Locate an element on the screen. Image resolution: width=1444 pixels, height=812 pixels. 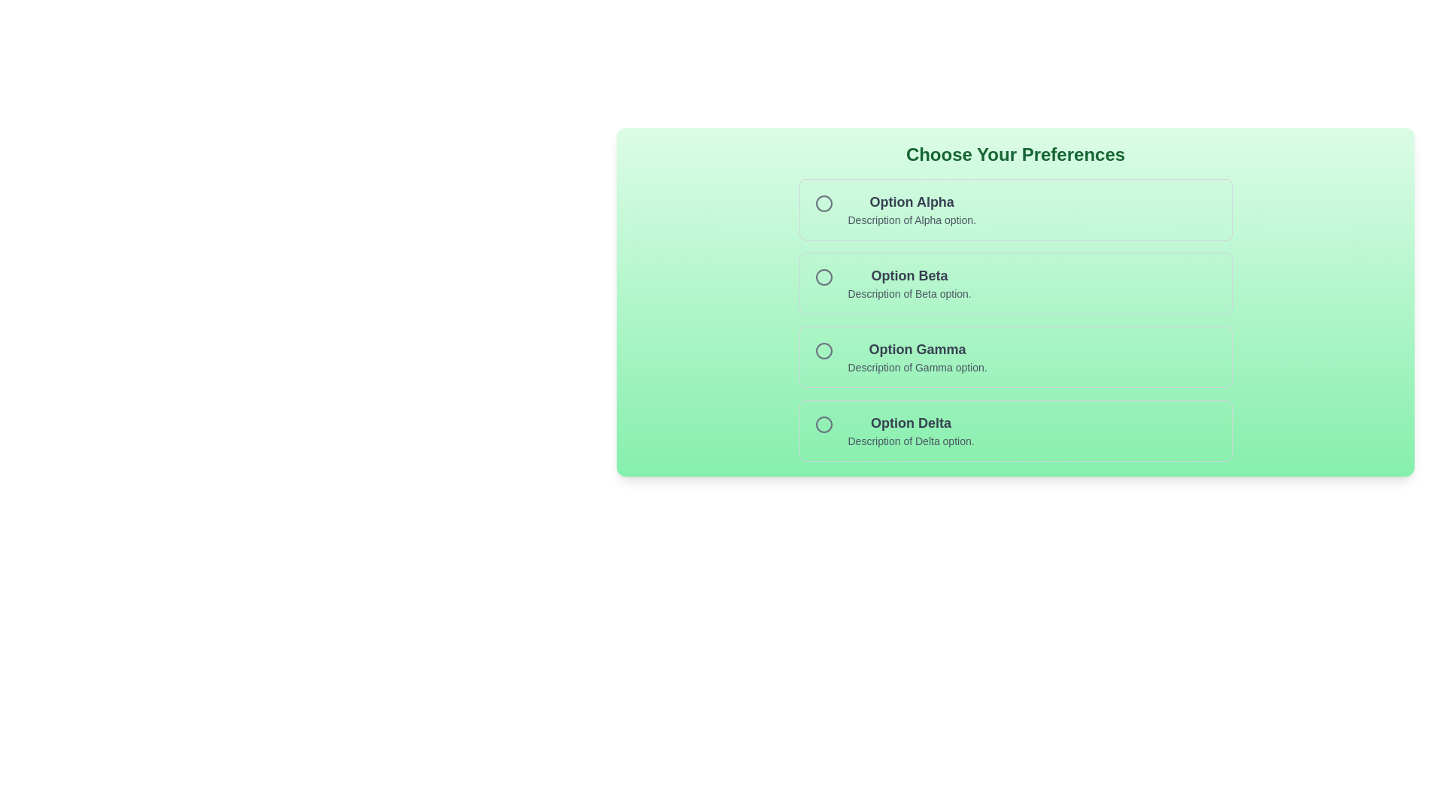
the radio button icon located to the left of the text 'Option Delta' is located at coordinates (823, 424).